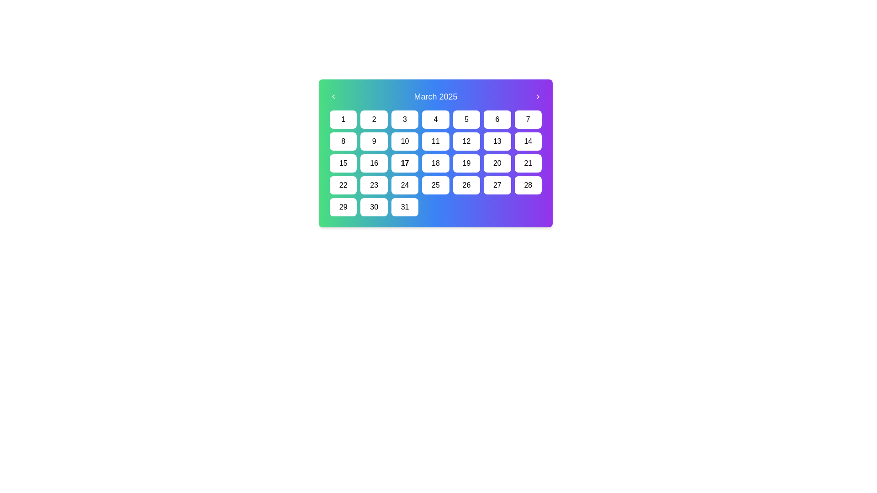  What do you see at coordinates (435, 141) in the screenshot?
I see `the button representing the 11th day of March 2025 in the calendar to change its background color` at bounding box center [435, 141].